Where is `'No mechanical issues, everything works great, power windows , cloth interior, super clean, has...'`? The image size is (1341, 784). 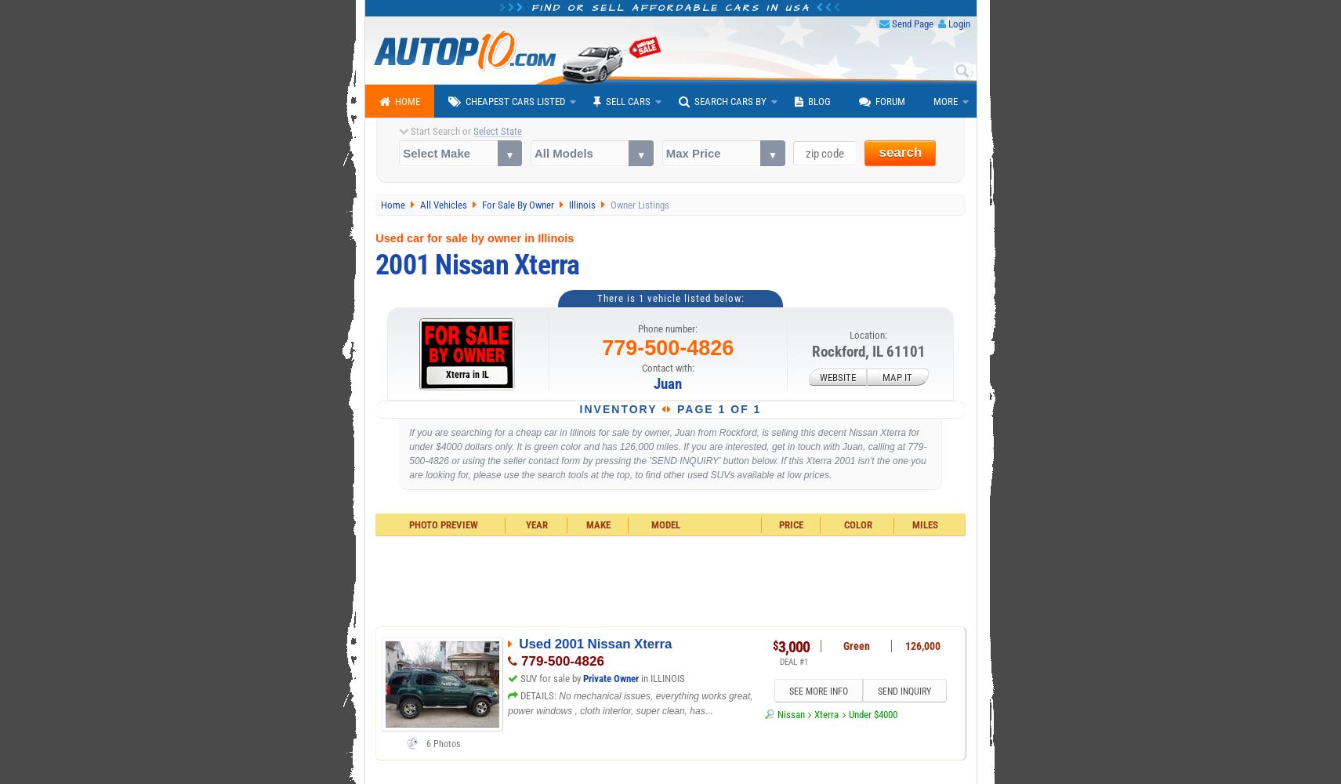 'No mechanical issues, everything works great, power windows , cloth interior, super clean, has...' is located at coordinates (506, 703).